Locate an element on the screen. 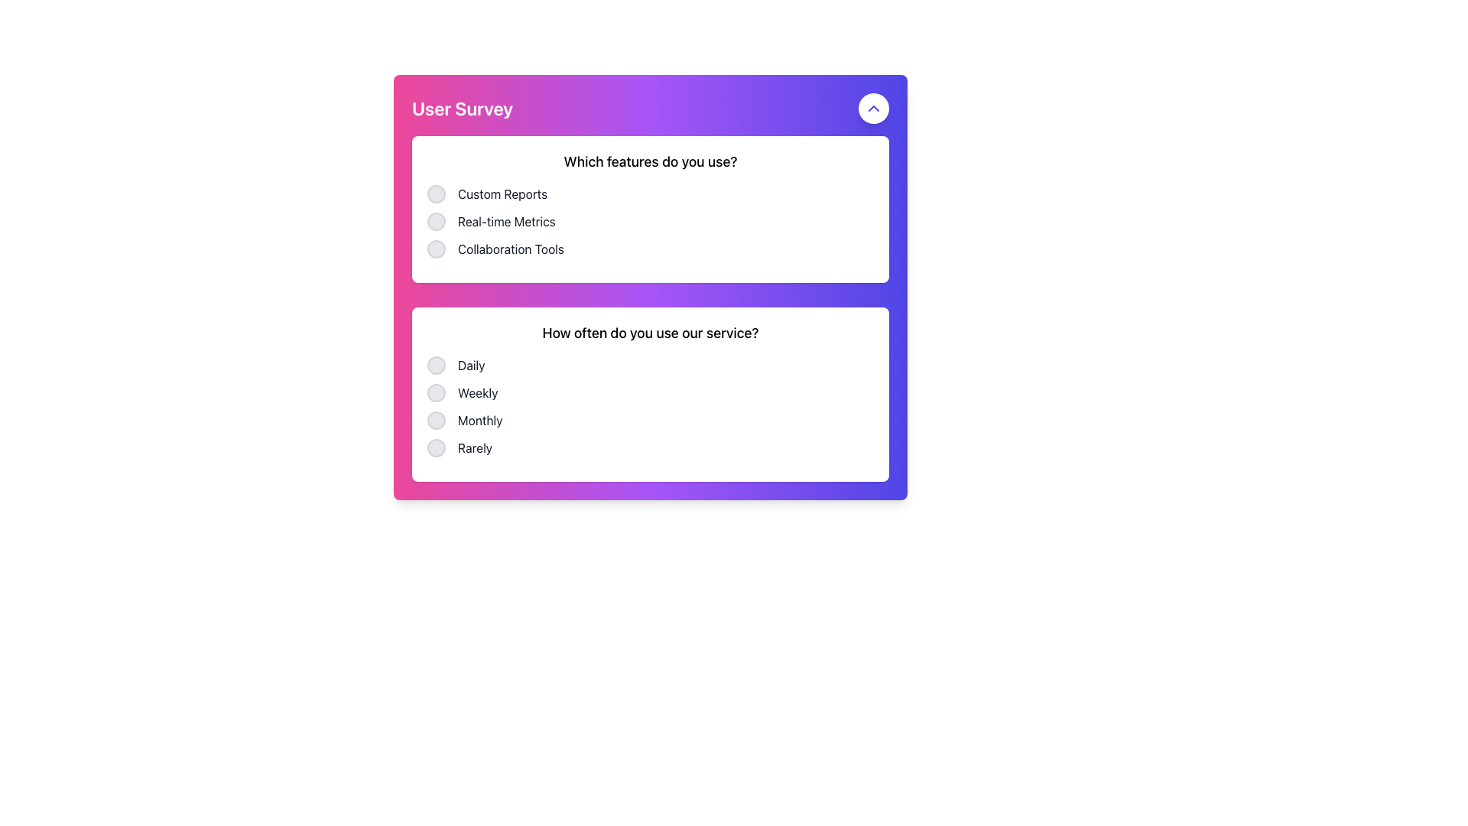 Image resolution: width=1468 pixels, height=826 pixels. the radio button labeled 'Weekly' is located at coordinates (650, 392).